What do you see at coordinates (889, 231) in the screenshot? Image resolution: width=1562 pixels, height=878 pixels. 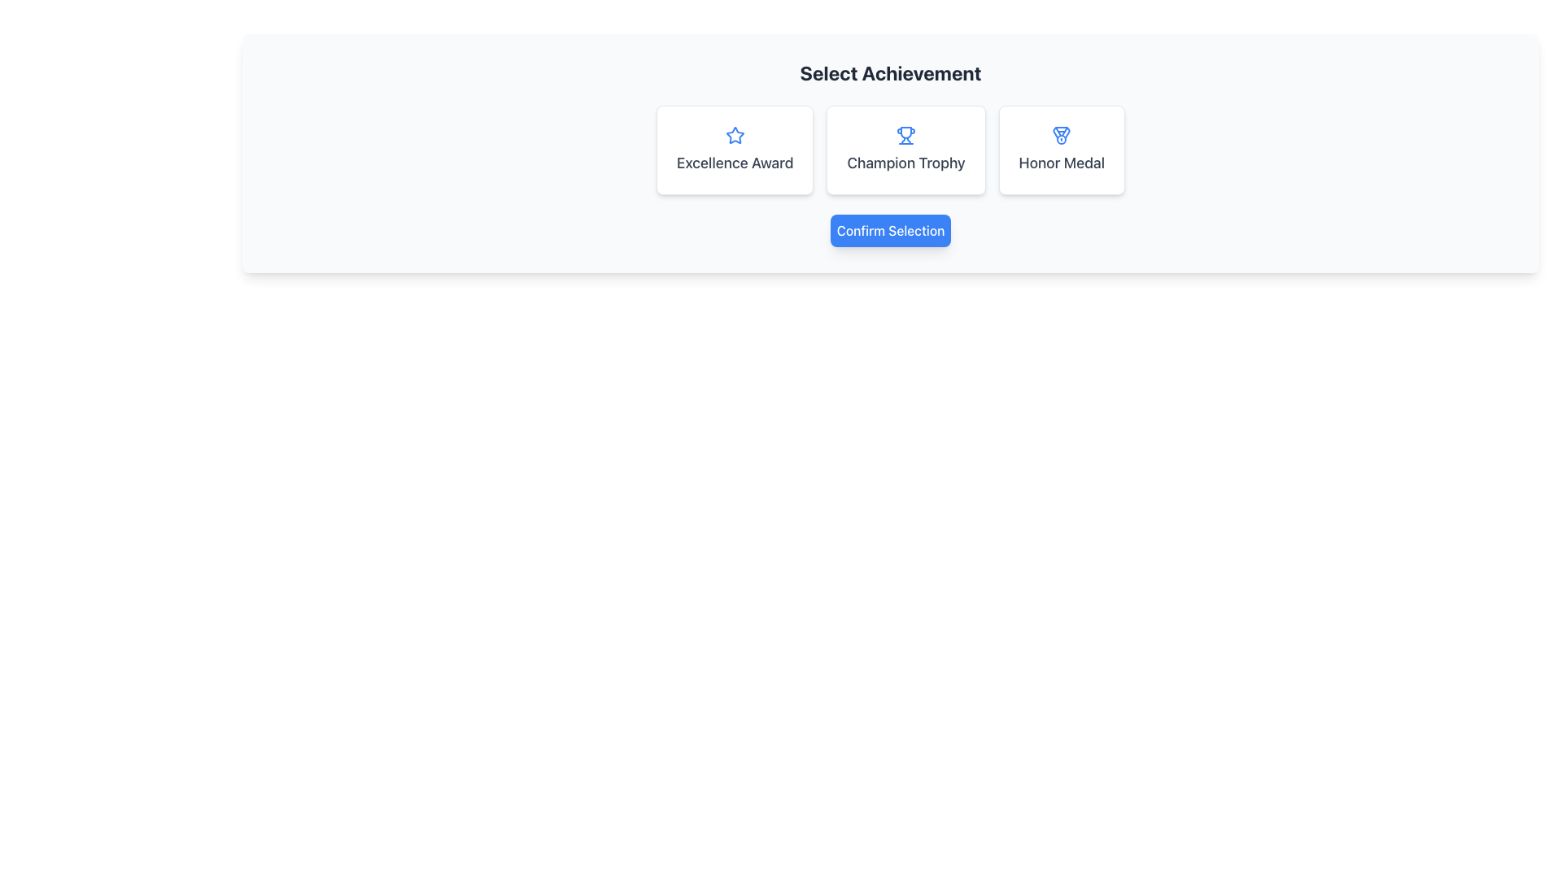 I see `the confirmation button located below the cards labeled 'Excellence Award,' 'Champion Trophy,' and 'Honor Medal' to observe the hover effects` at bounding box center [889, 231].